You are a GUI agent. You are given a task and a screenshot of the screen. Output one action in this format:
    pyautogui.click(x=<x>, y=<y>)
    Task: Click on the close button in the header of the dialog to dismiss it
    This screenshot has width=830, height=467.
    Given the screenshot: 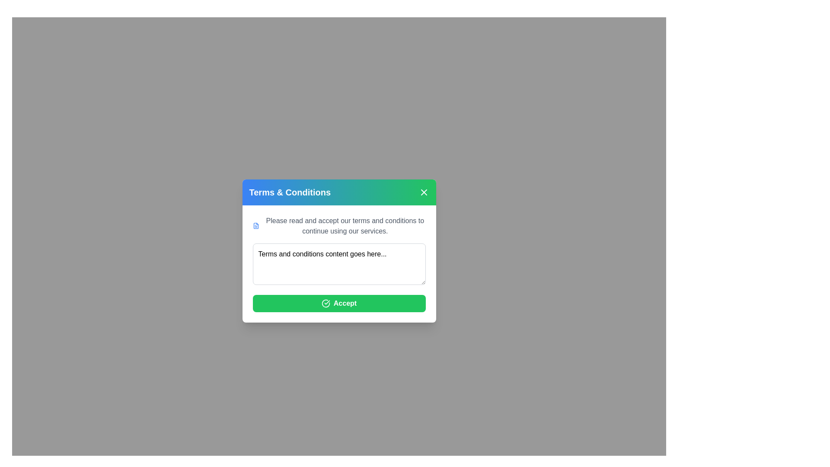 What is the action you would take?
    pyautogui.click(x=424, y=192)
    